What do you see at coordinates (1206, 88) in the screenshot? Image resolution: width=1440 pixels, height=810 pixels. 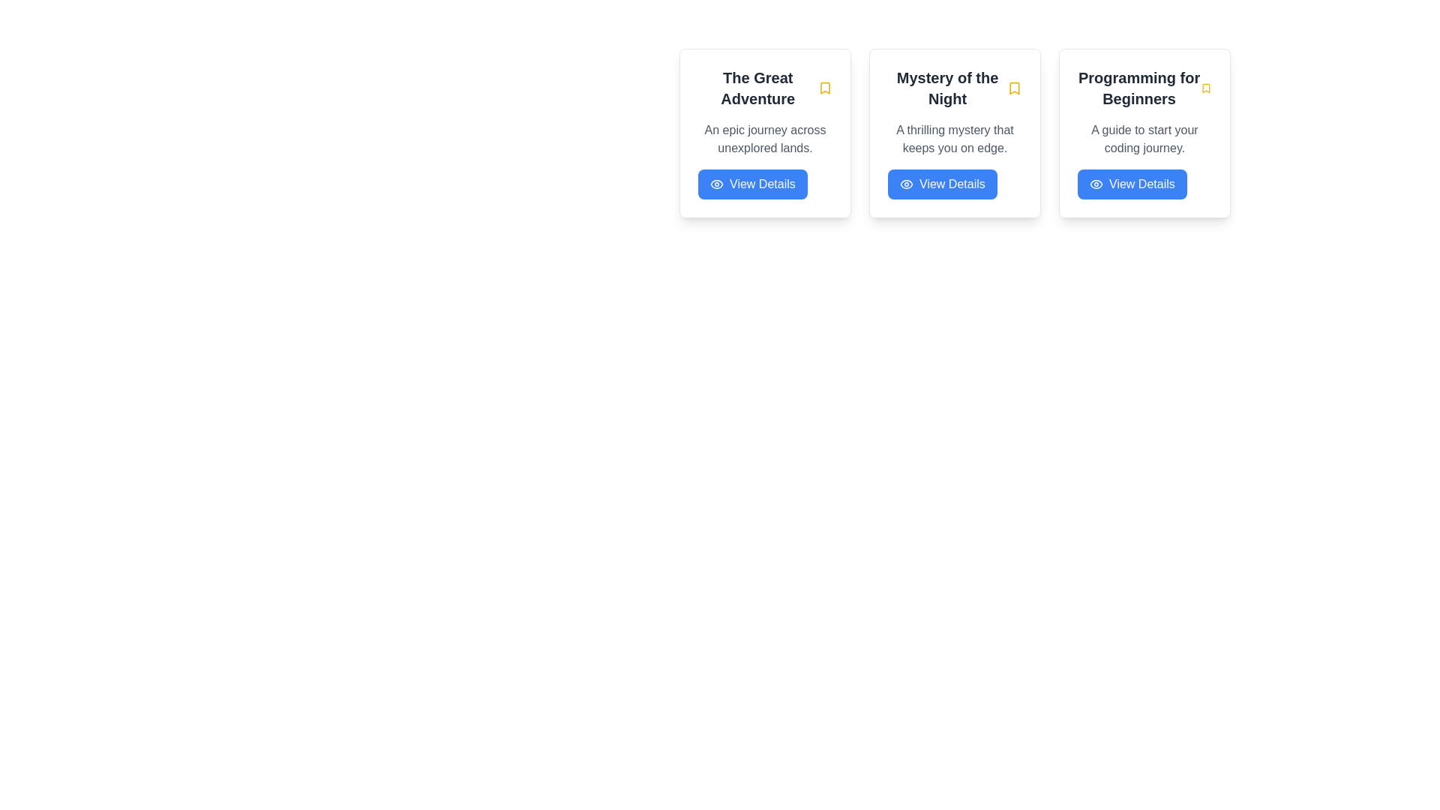 I see `the golden-yellow bookmark icon with a hollow outline next to the title 'Programming for Beginners'` at bounding box center [1206, 88].